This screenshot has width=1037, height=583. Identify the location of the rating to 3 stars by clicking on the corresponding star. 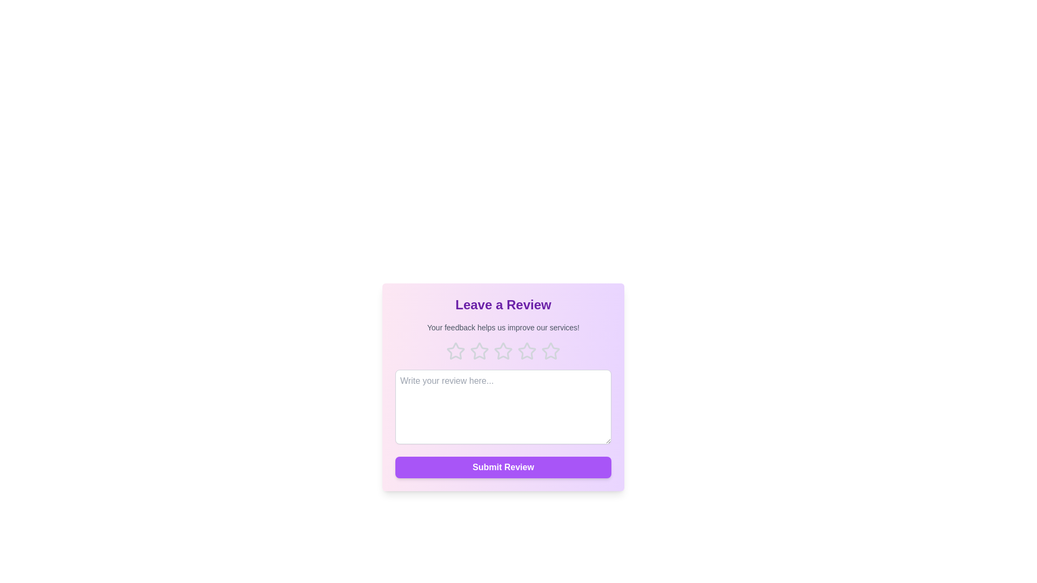
(502, 351).